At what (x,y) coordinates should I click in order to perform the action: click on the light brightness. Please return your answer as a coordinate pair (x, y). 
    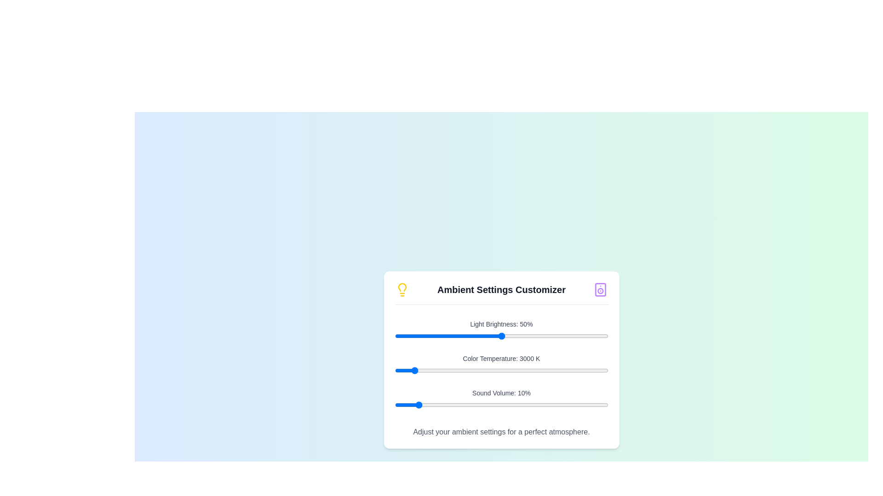
    Looking at the image, I should click on (476, 336).